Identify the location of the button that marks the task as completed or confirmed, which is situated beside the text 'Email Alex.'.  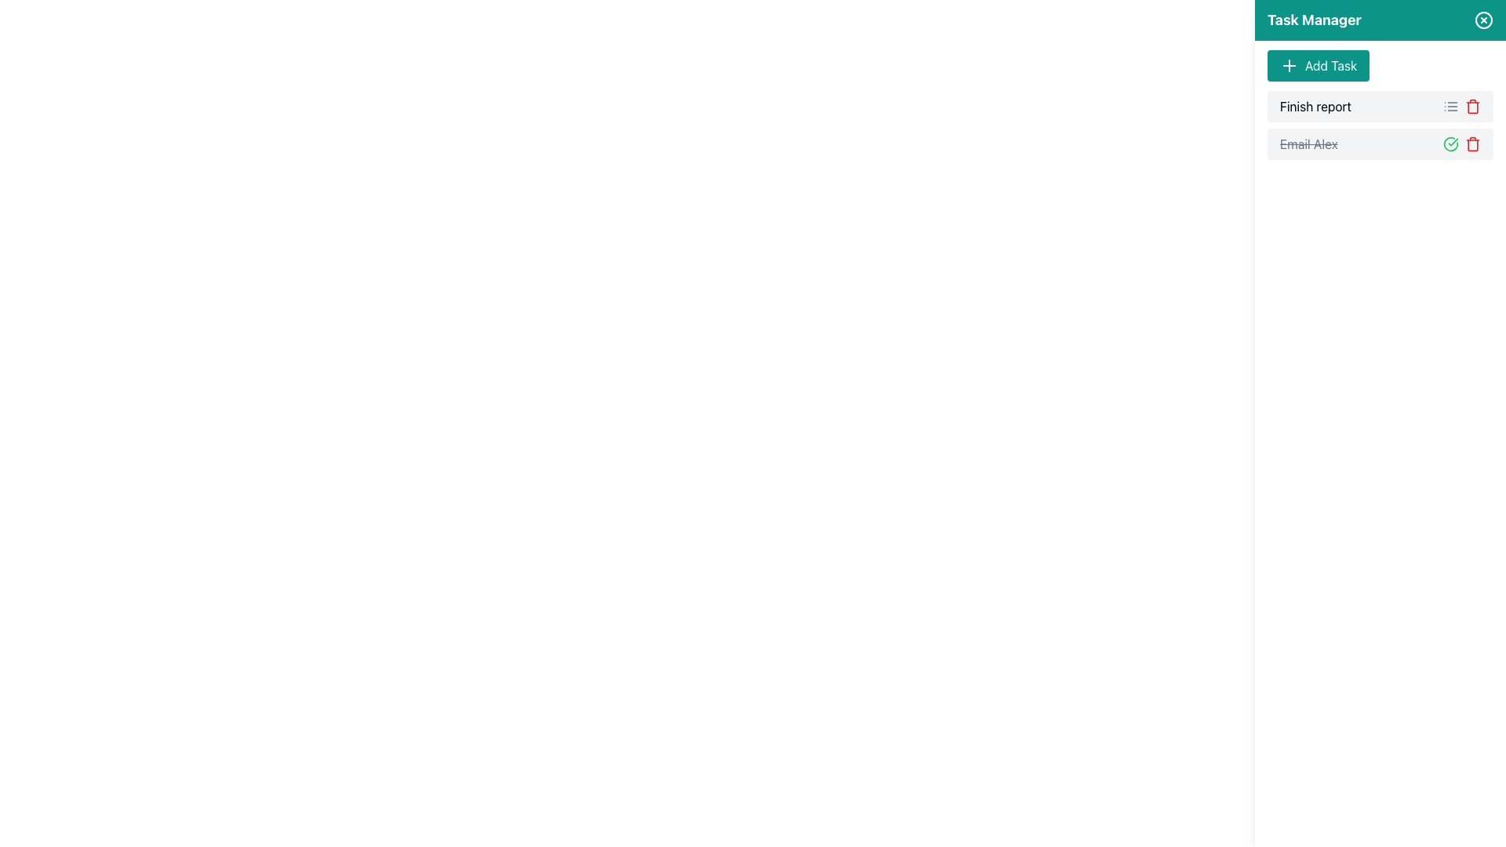
(1450, 144).